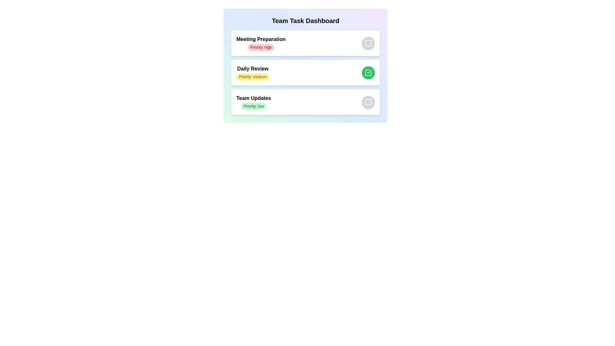 This screenshot has height=346, width=615. Describe the element at coordinates (253, 106) in the screenshot. I see `the task with priority low` at that location.